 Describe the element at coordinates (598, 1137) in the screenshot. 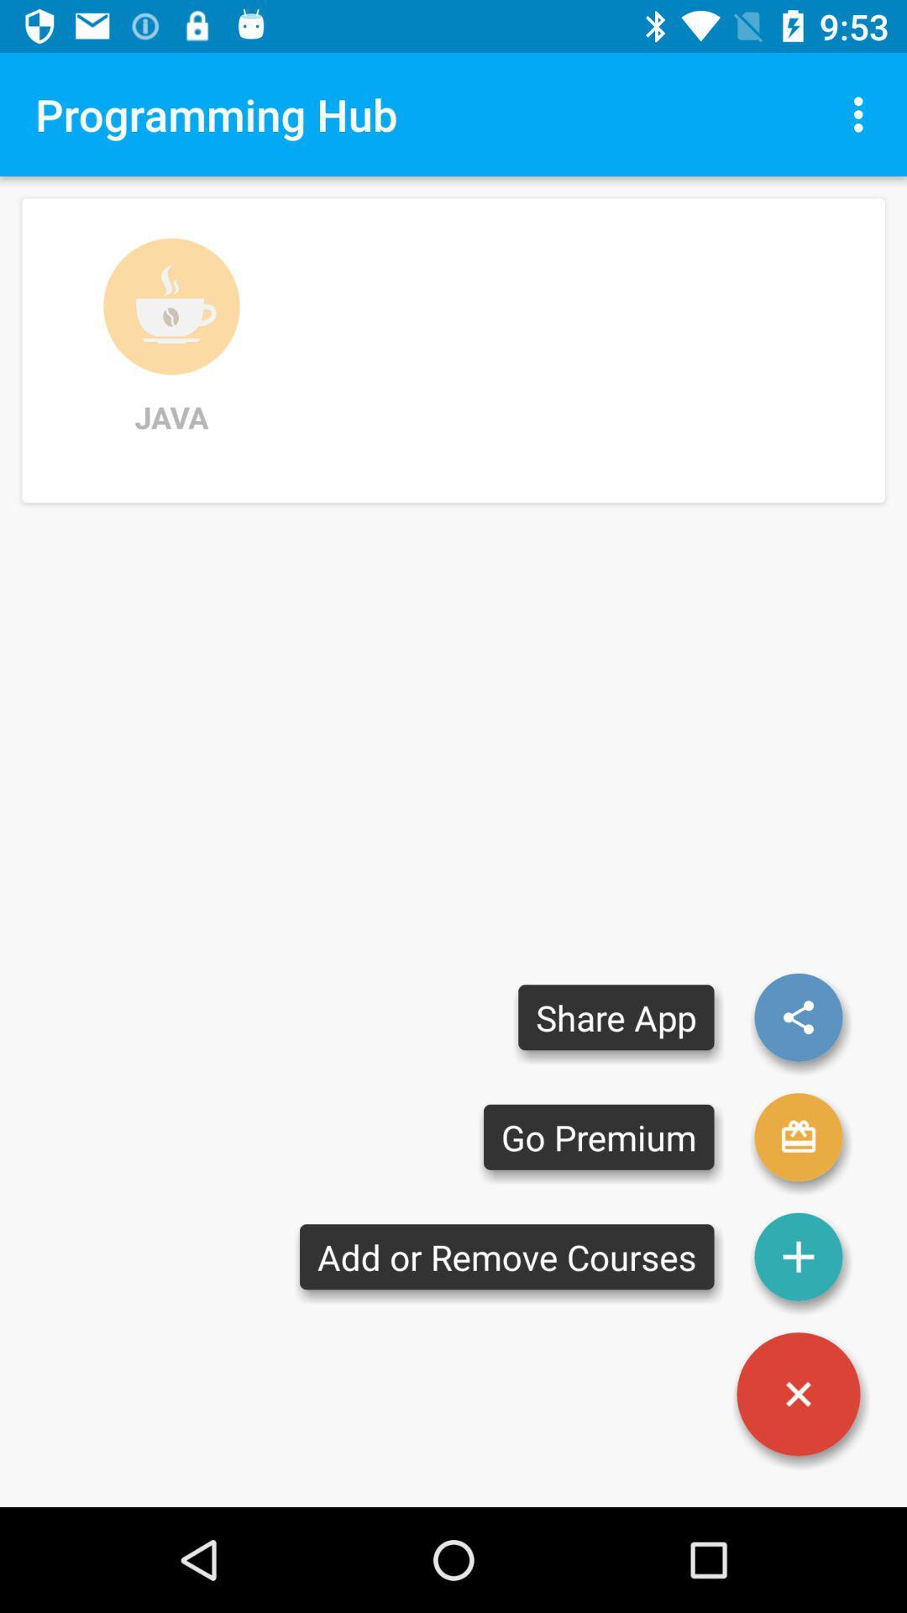

I see `icon below share app` at that location.